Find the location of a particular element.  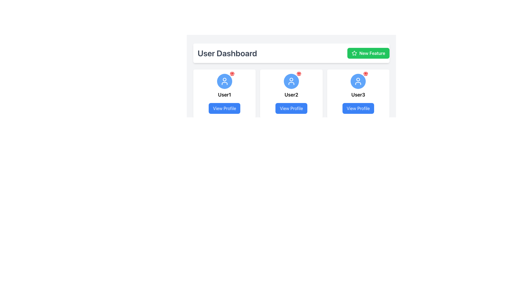

the circular avatar icon with a blue background and white user figure, located at the top of the User1 card is located at coordinates (224, 81).